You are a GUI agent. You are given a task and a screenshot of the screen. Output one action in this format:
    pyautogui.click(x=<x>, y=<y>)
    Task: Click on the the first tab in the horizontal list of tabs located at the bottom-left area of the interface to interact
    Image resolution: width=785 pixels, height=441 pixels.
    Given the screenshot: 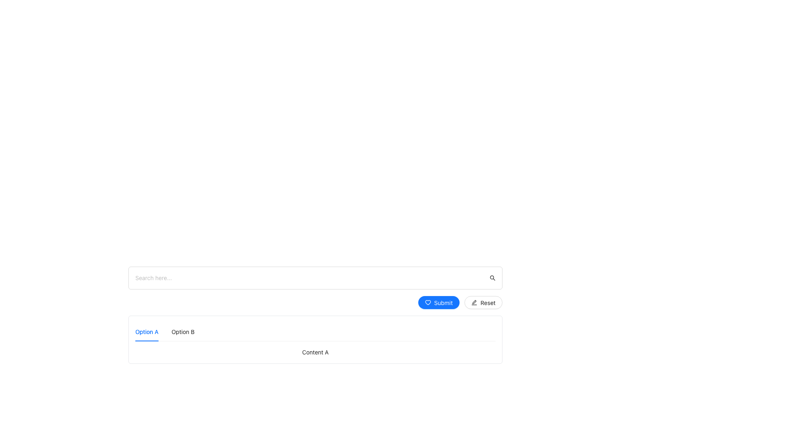 What is the action you would take?
    pyautogui.click(x=147, y=332)
    